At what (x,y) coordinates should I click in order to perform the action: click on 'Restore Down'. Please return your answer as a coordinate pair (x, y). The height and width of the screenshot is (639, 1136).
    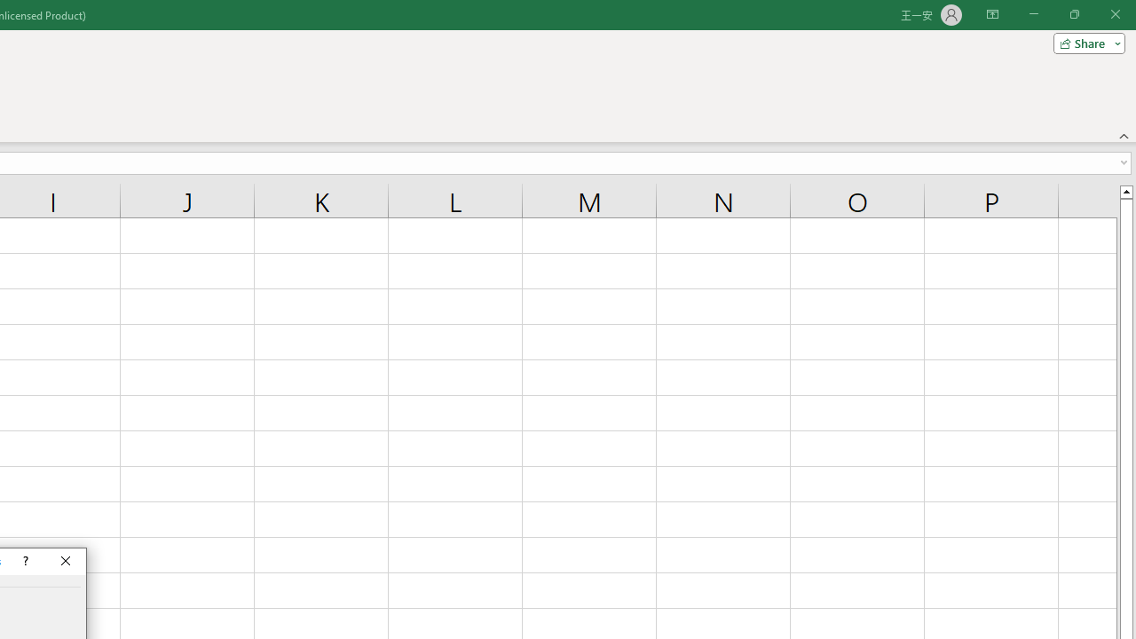
    Looking at the image, I should click on (1073, 14).